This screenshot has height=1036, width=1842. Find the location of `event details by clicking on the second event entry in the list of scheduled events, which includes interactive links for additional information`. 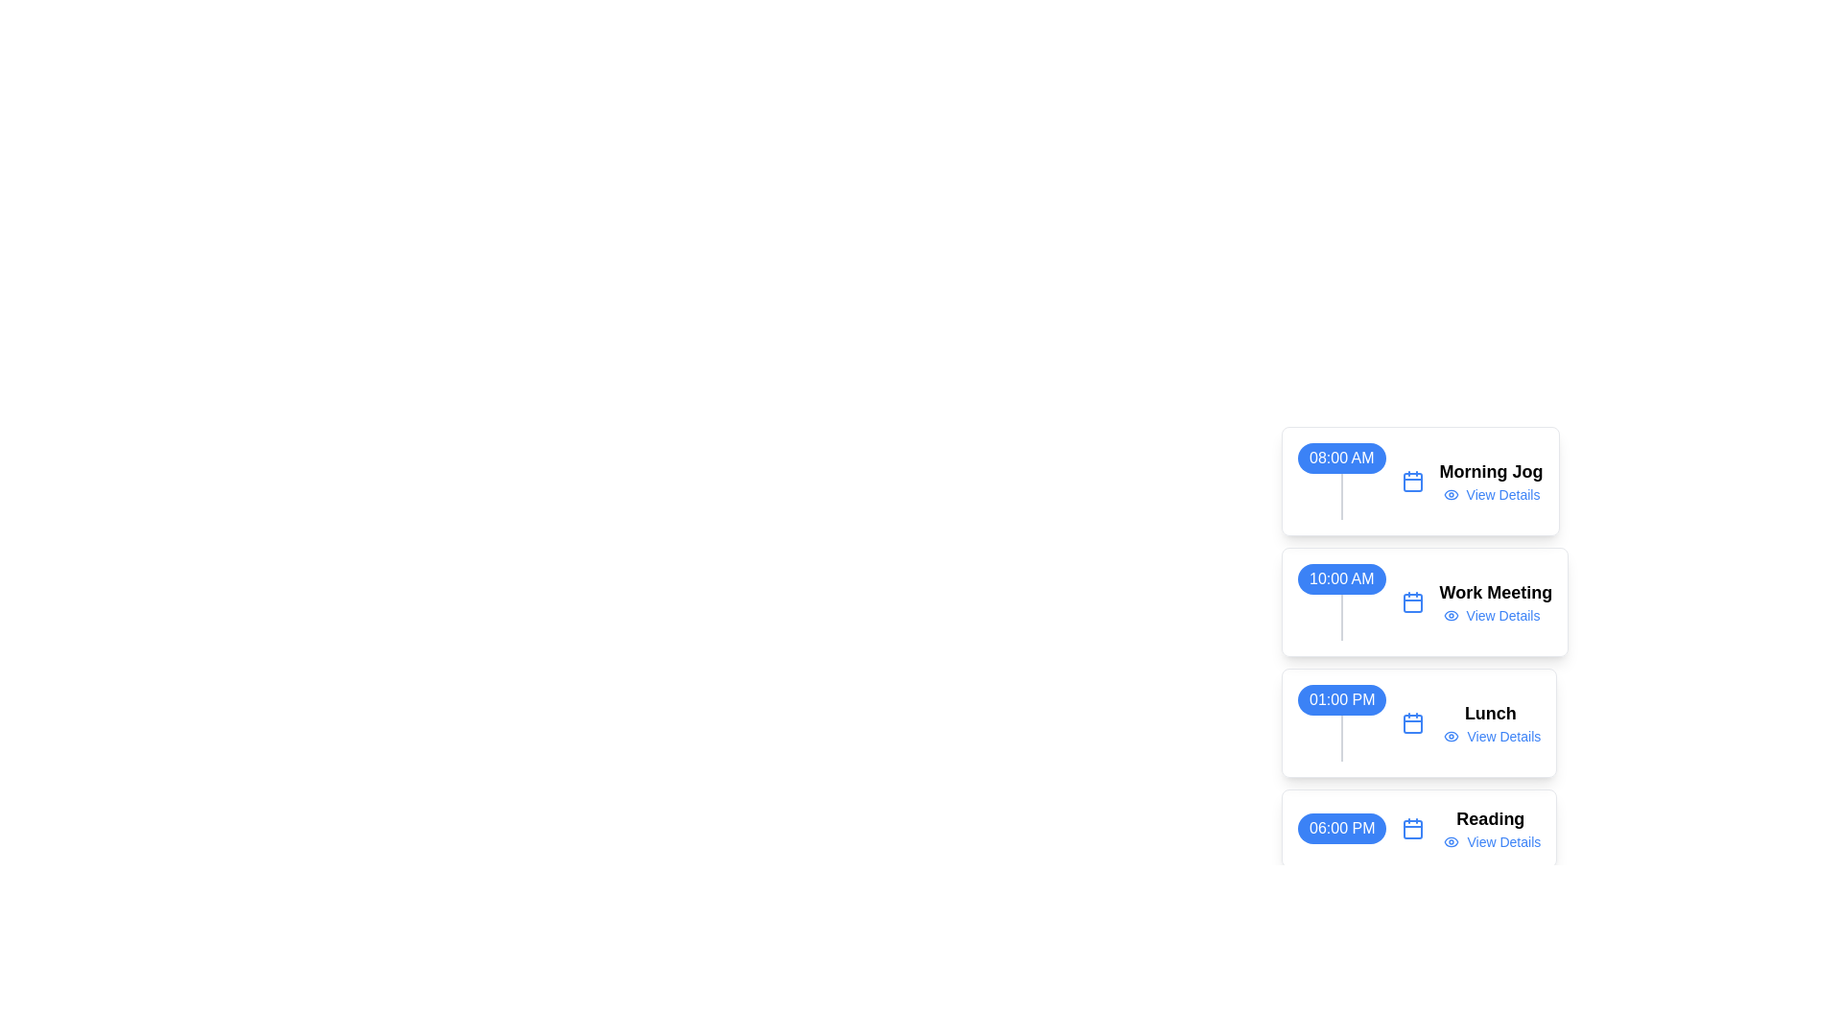

event details by clicking on the second event entry in the list of scheduled events, which includes interactive links for additional information is located at coordinates (1526, 647).